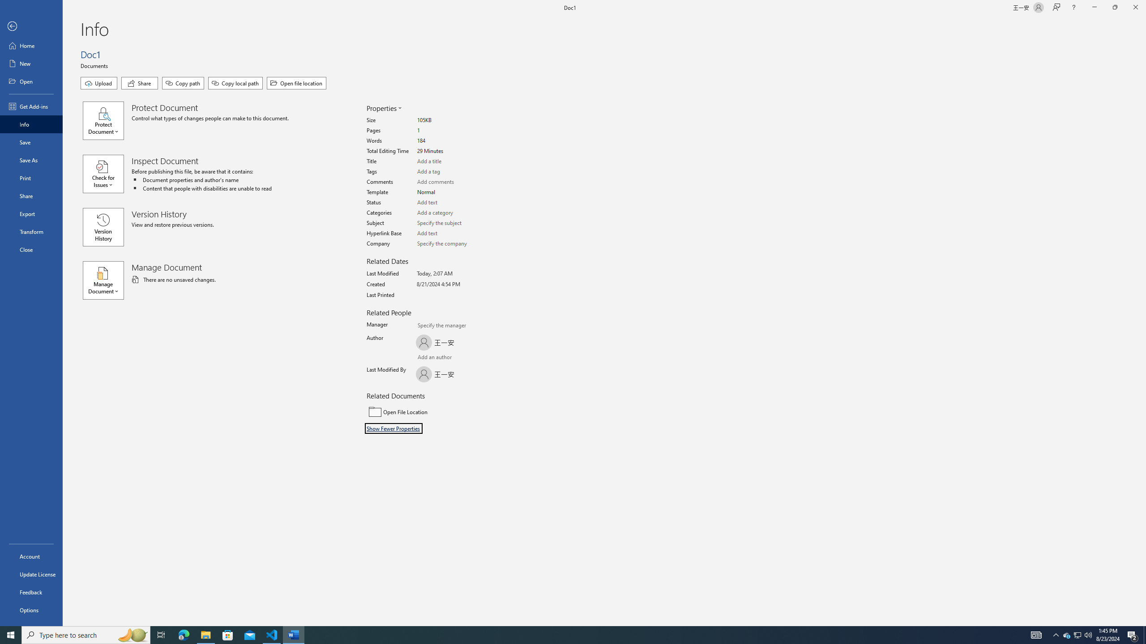  I want to click on 'Properties', so click(383, 108).